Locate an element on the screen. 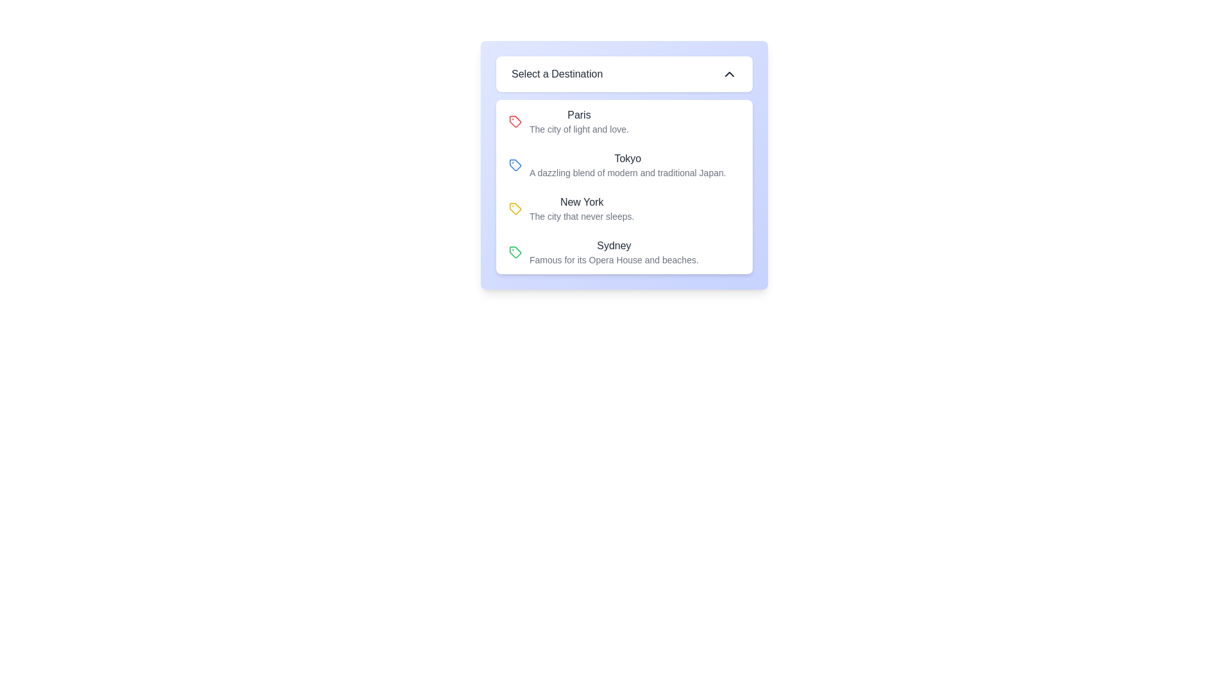 This screenshot has height=692, width=1231. the 'Tokyo' selection option in the dropdown menu titled 'Select a Destination', which is the second item in the list located between 'Paris' and 'New York' is located at coordinates (628, 165).